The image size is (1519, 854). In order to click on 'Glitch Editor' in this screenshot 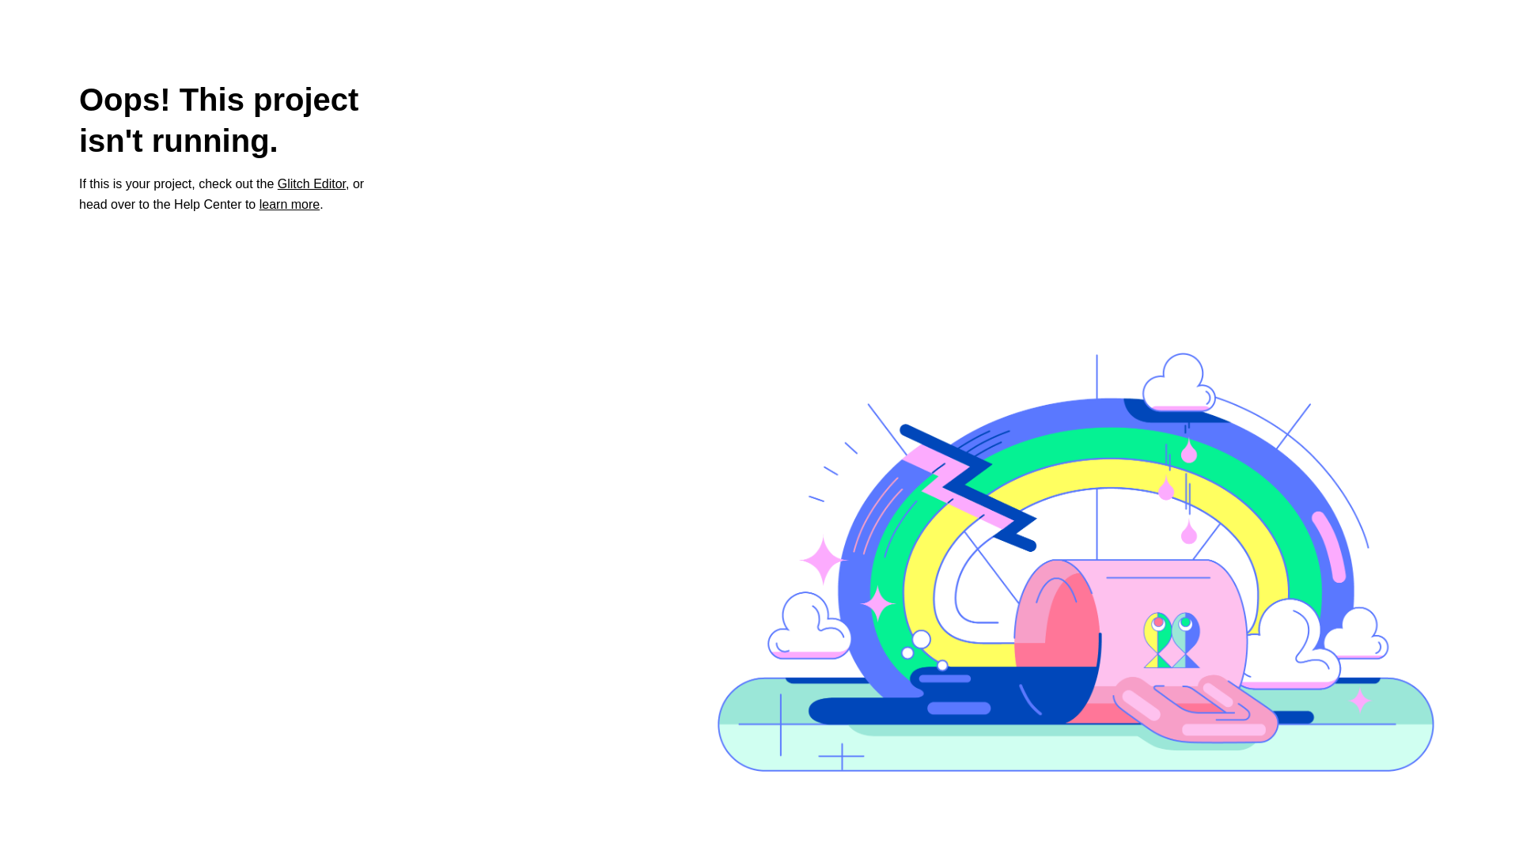, I will do `click(311, 183)`.